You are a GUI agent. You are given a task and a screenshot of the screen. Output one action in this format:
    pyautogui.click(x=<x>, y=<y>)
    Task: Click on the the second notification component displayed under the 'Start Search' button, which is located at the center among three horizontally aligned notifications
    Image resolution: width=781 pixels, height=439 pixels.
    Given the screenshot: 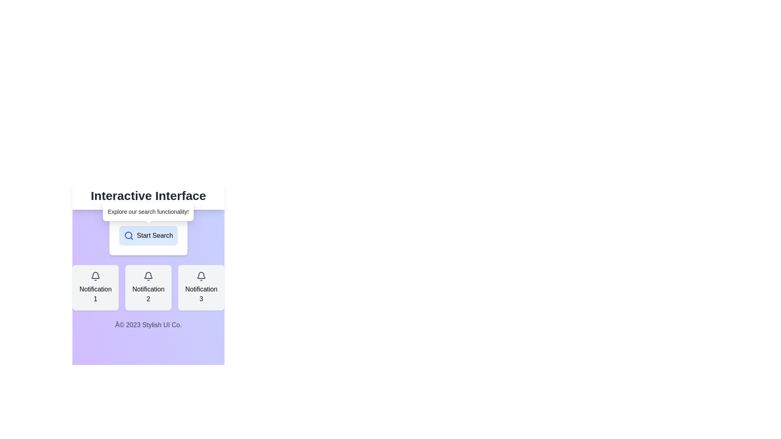 What is the action you would take?
    pyautogui.click(x=148, y=287)
    